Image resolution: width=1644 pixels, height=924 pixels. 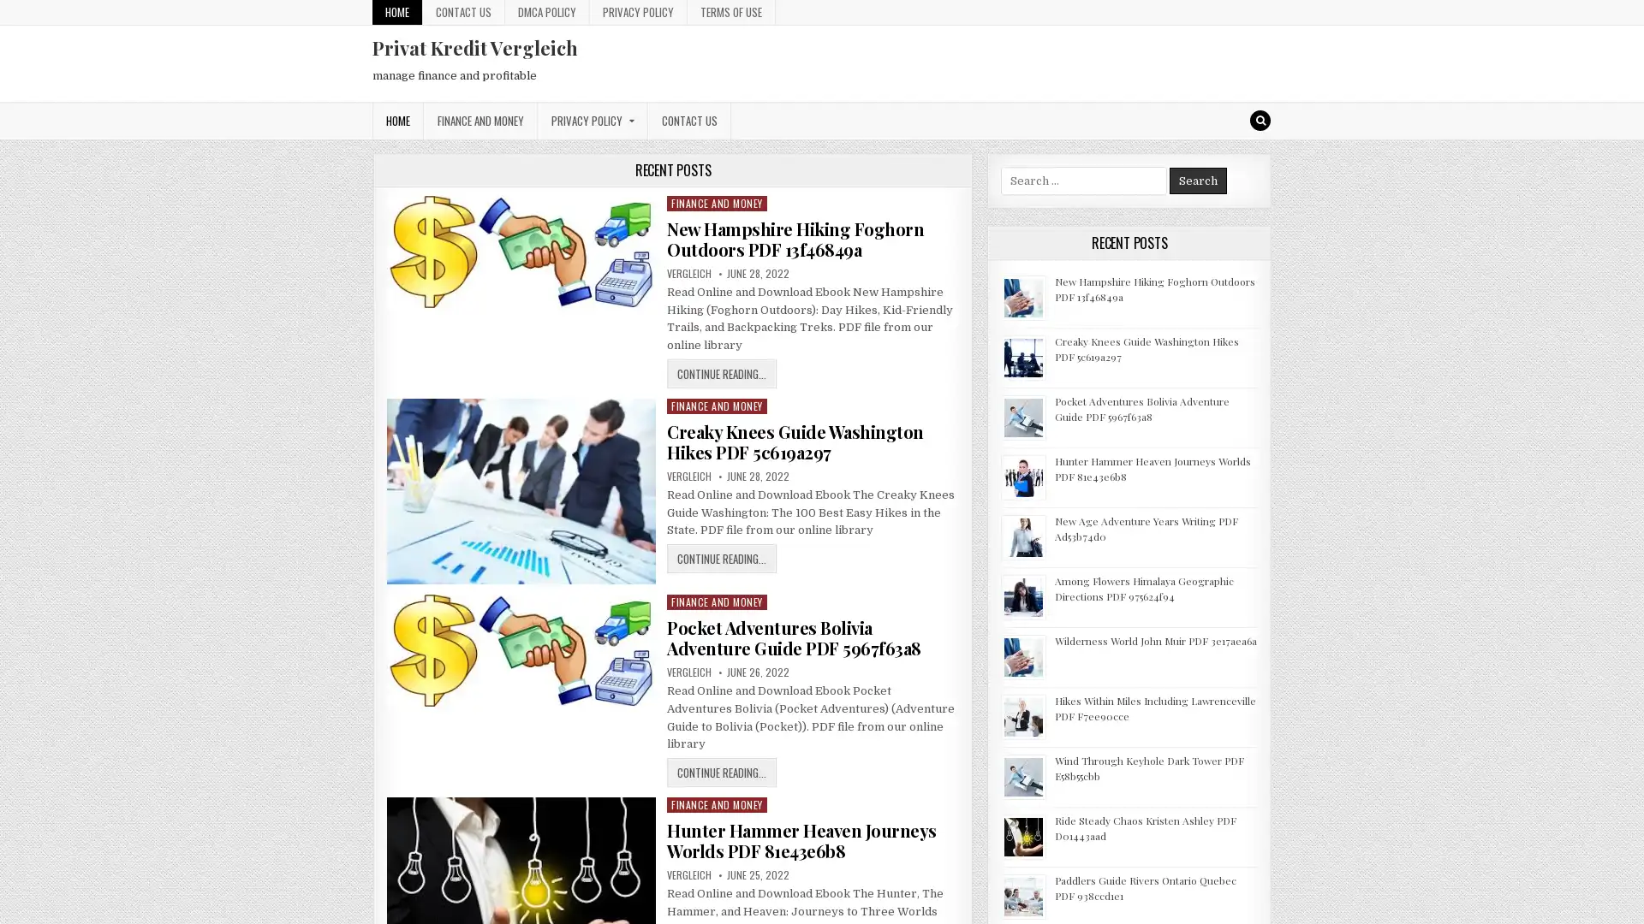 I want to click on Search, so click(x=1197, y=181).